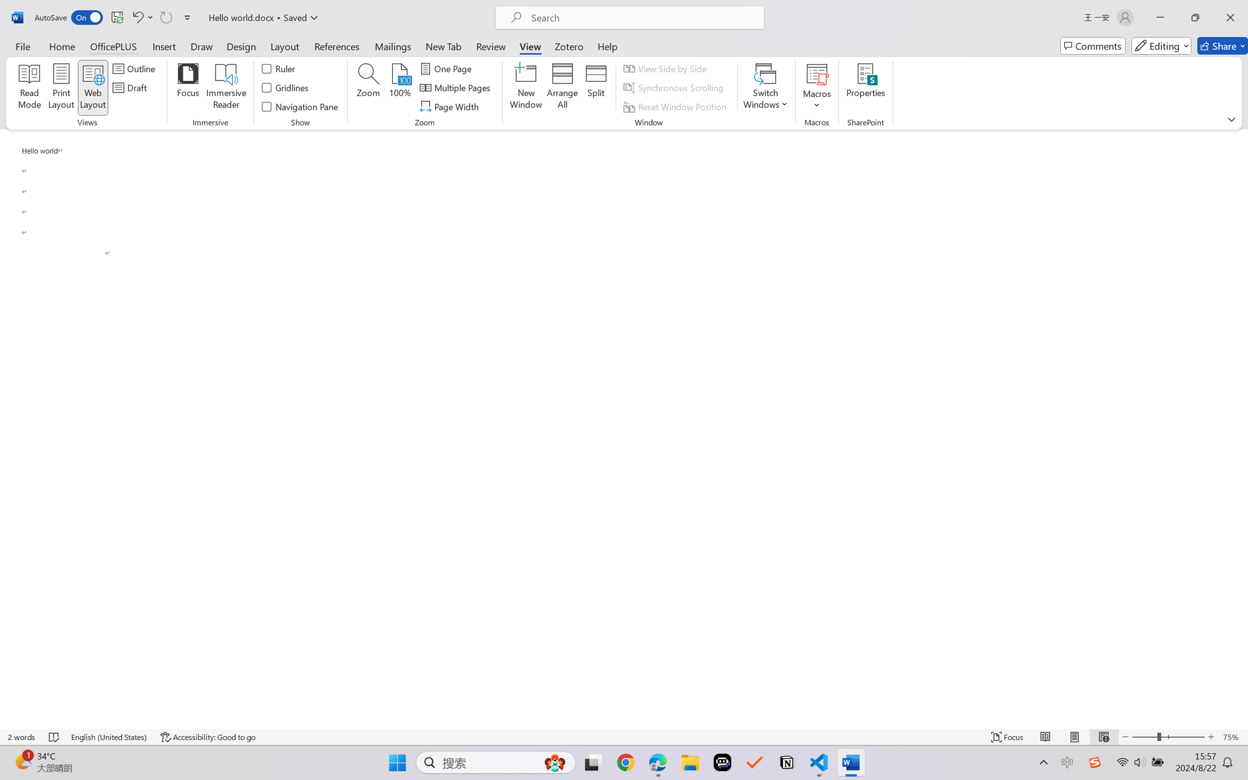 This screenshot has height=780, width=1248. I want to click on 'Ruler', so click(278, 68).